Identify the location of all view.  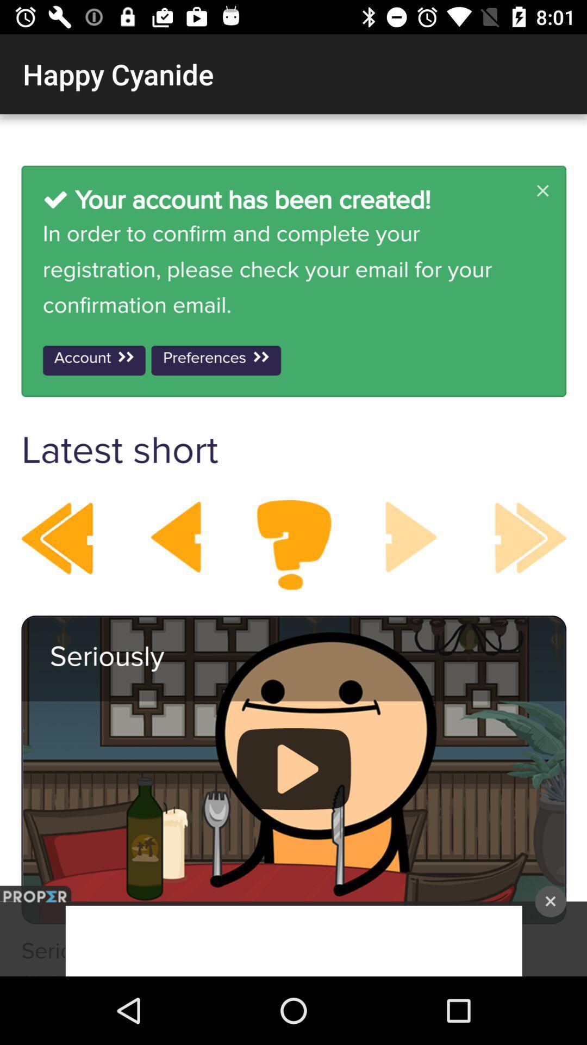
(293, 545).